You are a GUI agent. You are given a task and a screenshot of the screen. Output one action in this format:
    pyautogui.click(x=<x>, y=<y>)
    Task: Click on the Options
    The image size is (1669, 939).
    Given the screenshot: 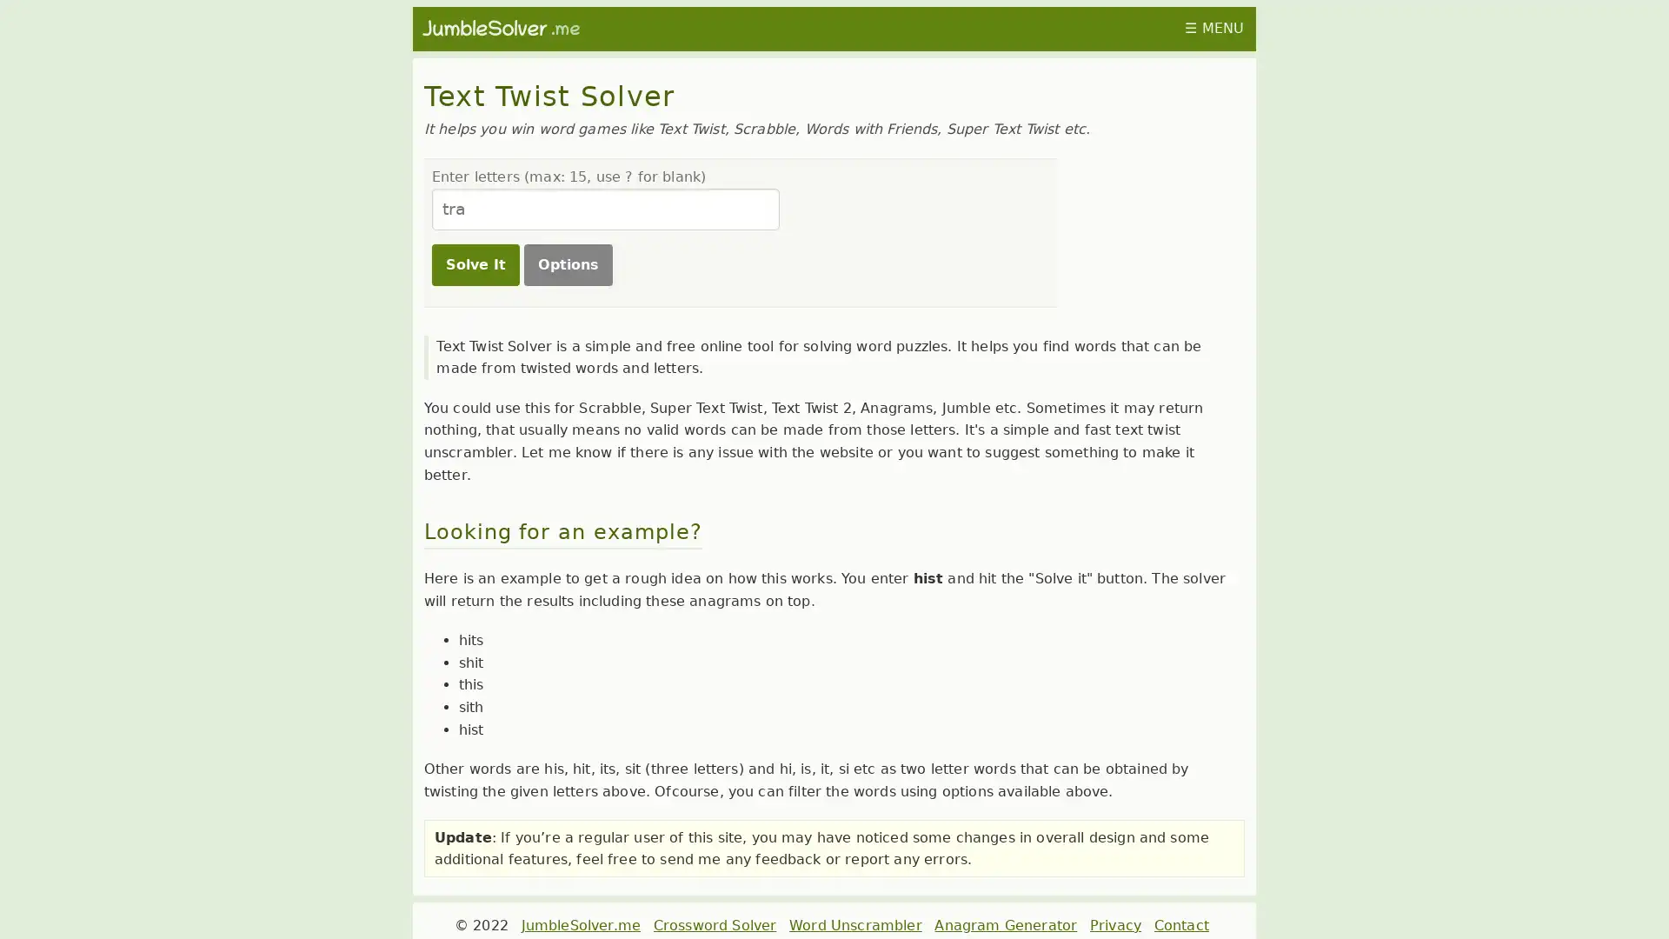 What is the action you would take?
    pyautogui.click(x=567, y=264)
    